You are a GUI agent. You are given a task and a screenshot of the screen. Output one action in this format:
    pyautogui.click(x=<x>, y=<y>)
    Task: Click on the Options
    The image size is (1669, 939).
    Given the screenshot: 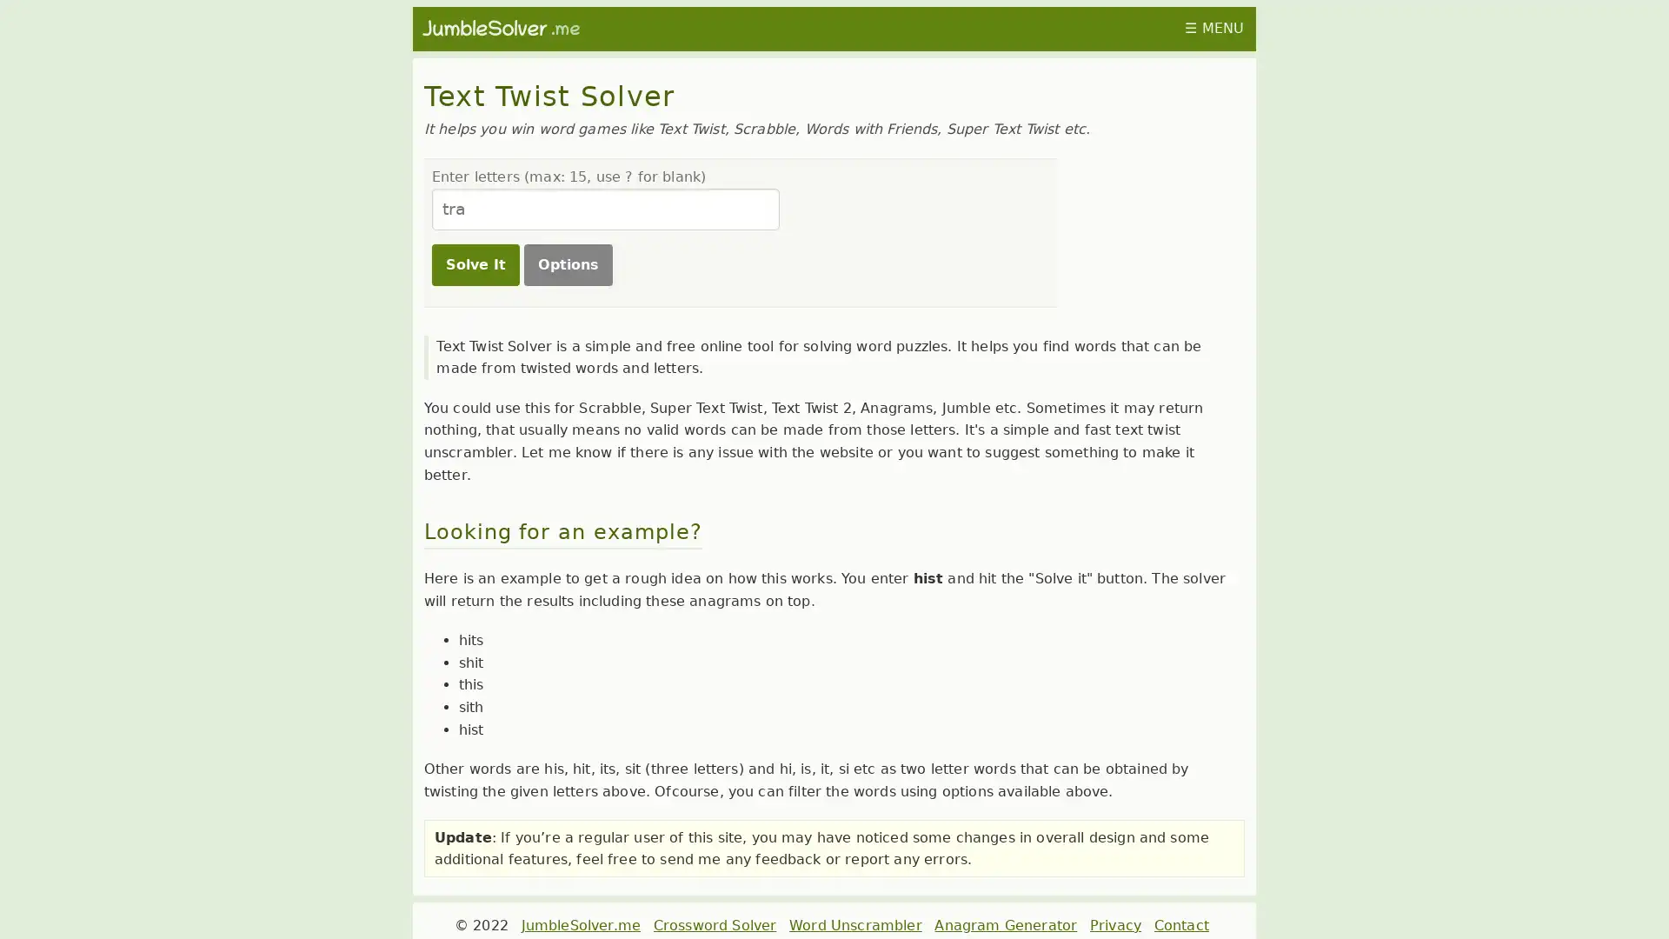 What is the action you would take?
    pyautogui.click(x=567, y=264)
    